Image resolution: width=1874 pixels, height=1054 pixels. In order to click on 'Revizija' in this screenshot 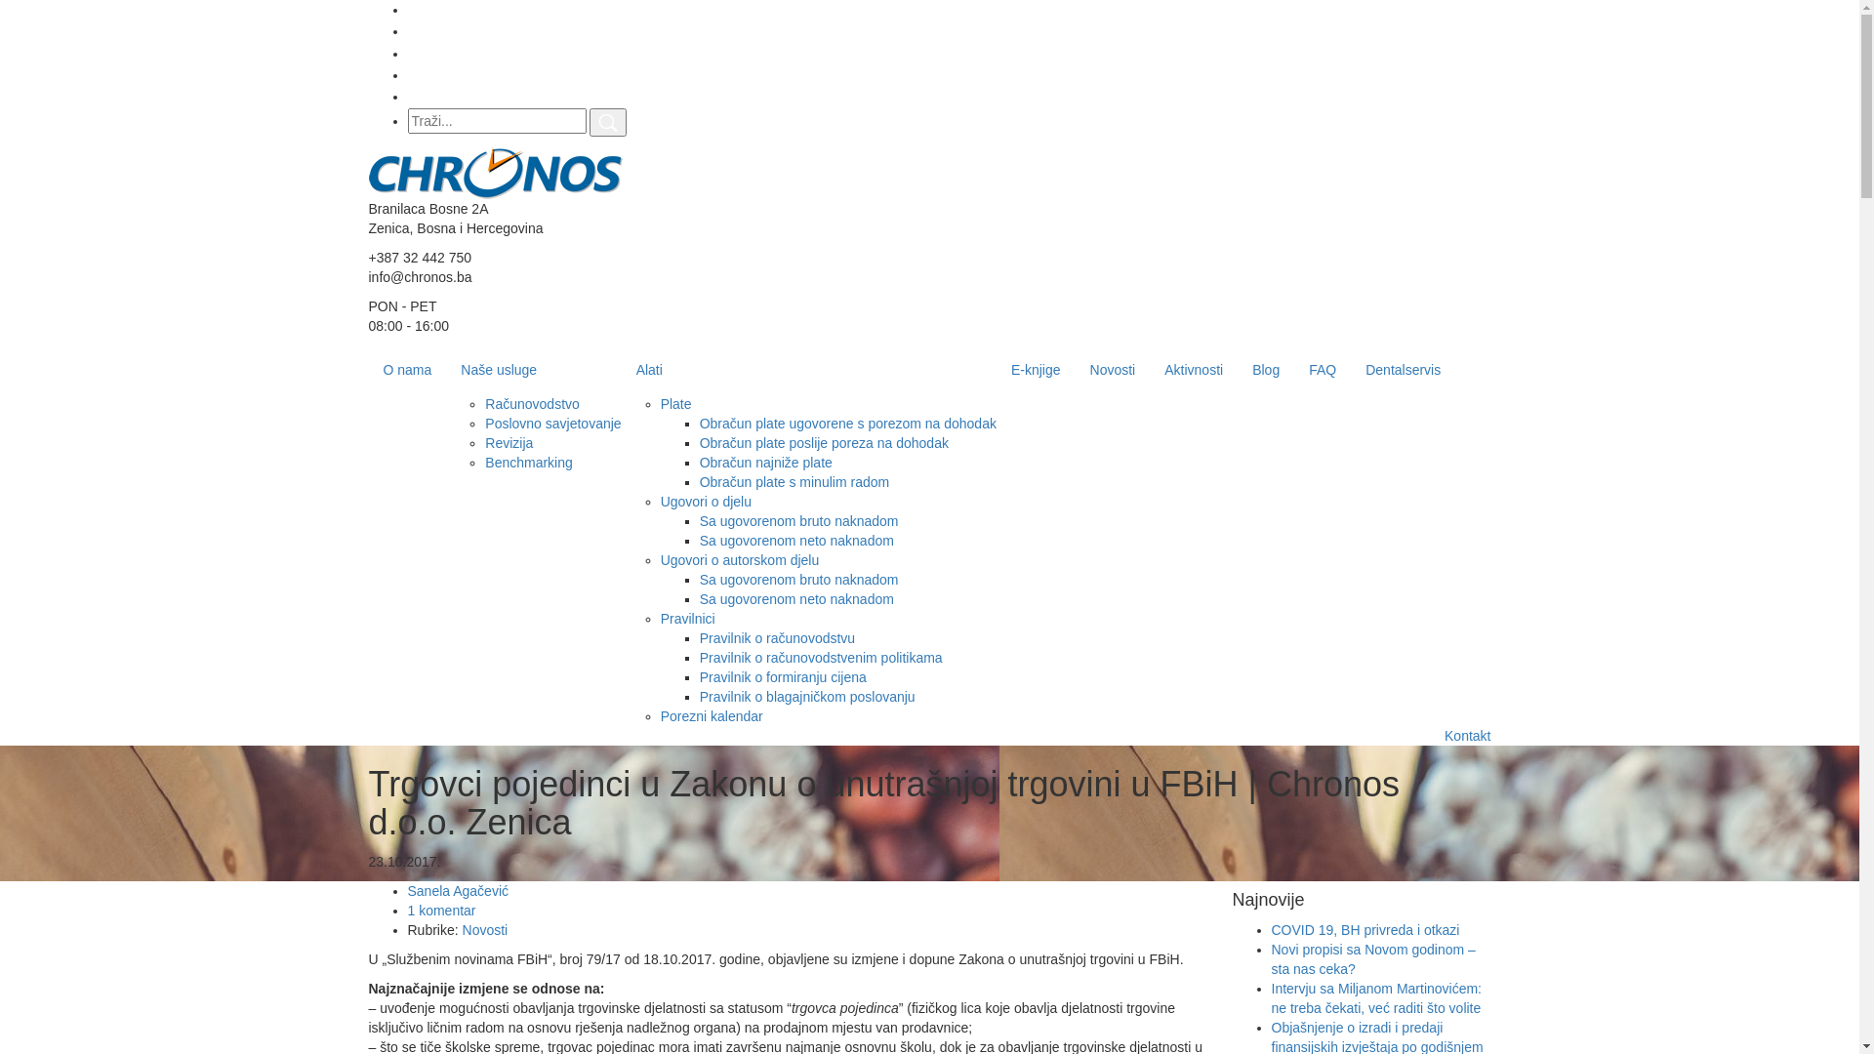, I will do `click(485, 443)`.